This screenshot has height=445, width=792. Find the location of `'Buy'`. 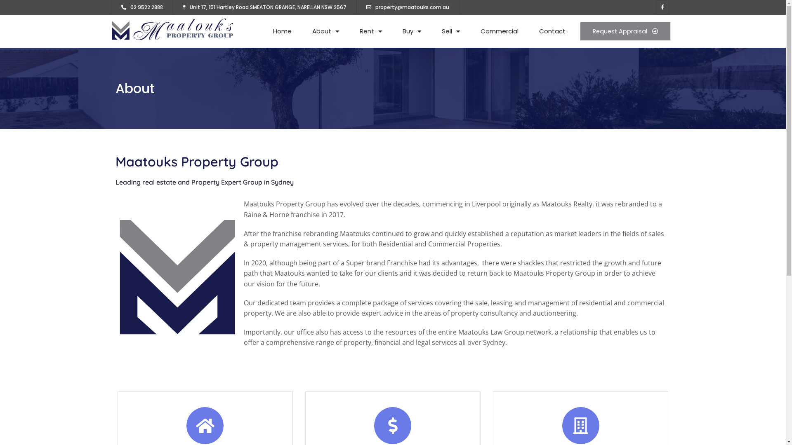

'Buy' is located at coordinates (412, 31).